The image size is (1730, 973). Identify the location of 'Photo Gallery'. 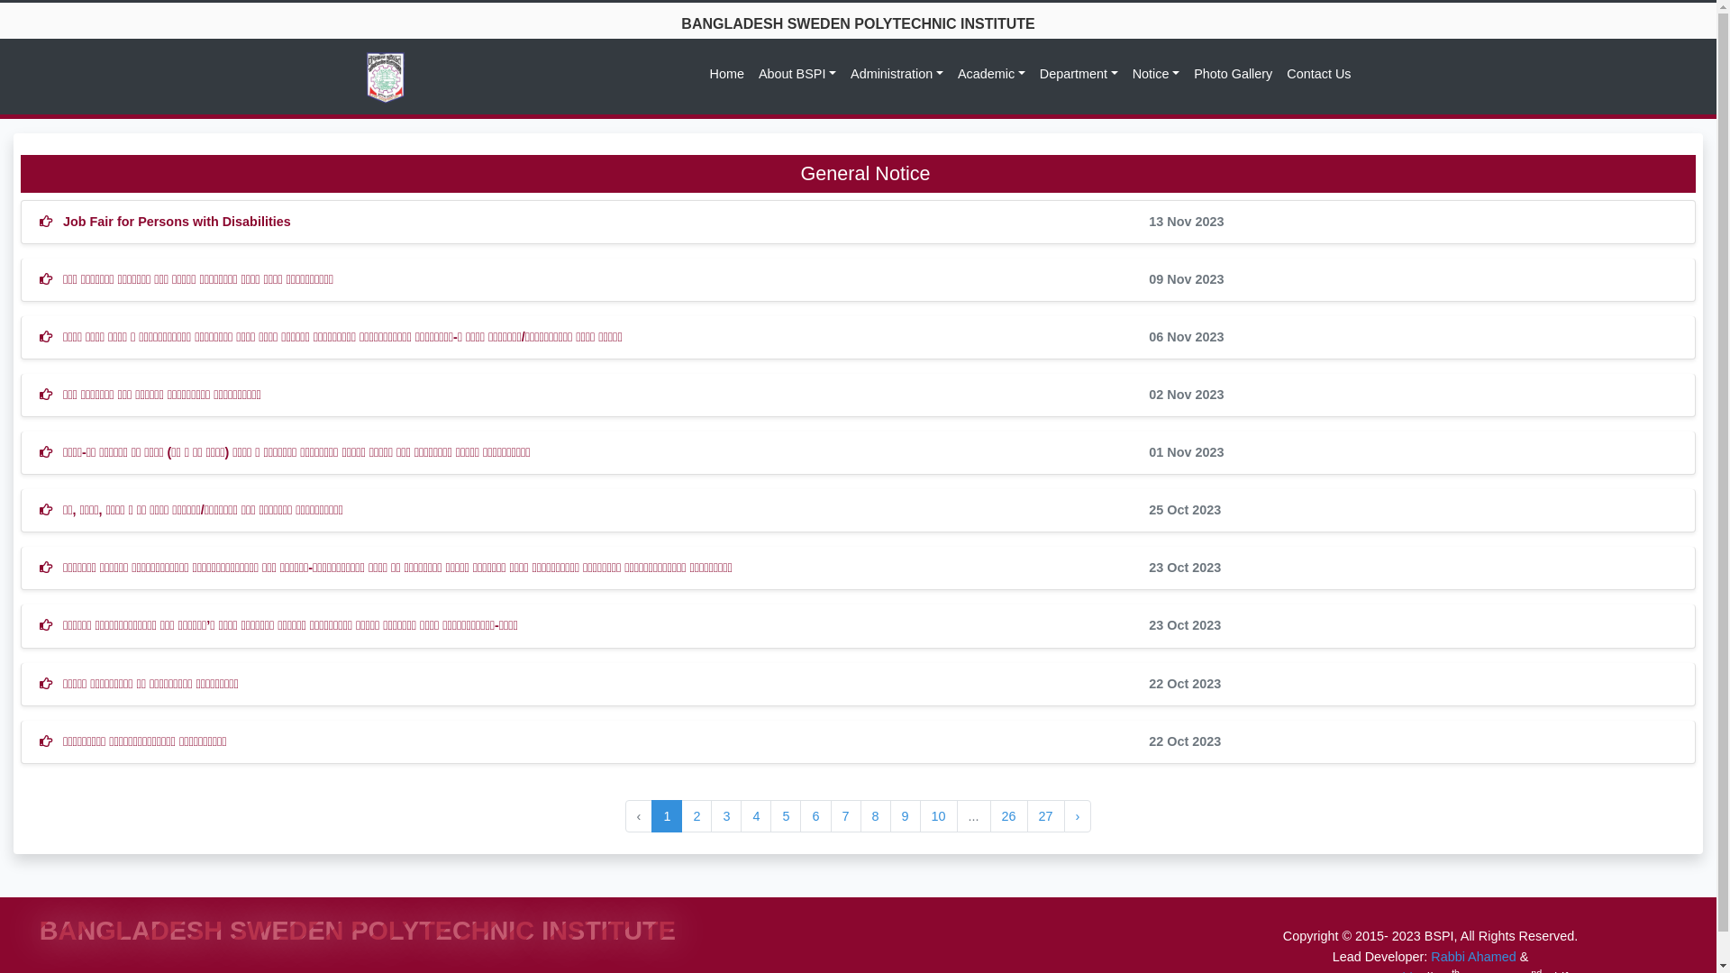
(1232, 73).